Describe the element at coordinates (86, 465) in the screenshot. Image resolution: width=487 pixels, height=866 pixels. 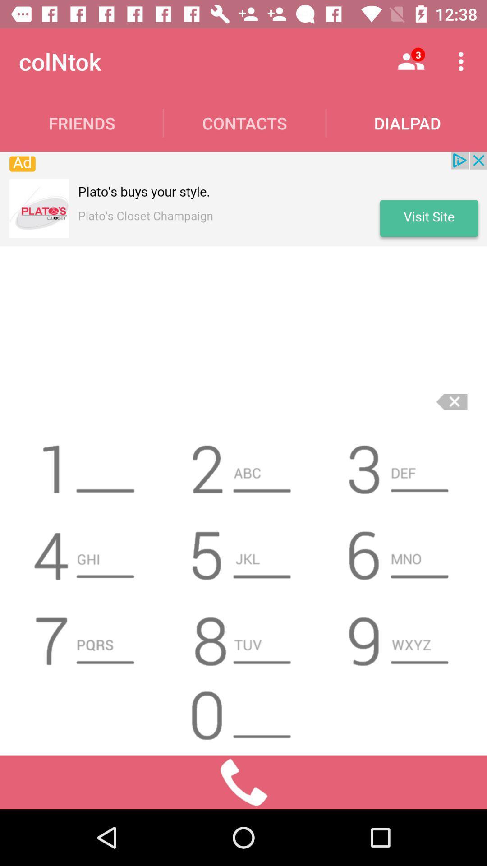
I see `the book icon` at that location.